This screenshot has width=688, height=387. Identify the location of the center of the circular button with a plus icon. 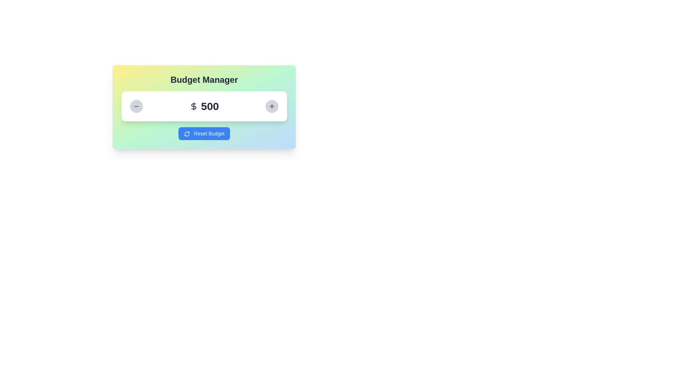
(271, 106).